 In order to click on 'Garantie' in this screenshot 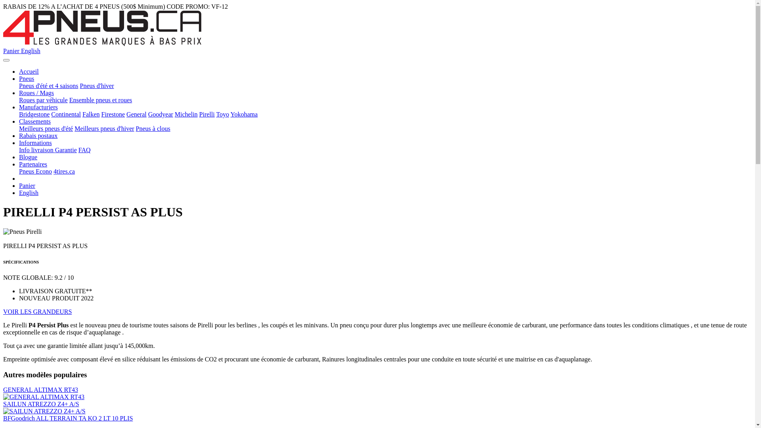, I will do `click(66, 150)`.